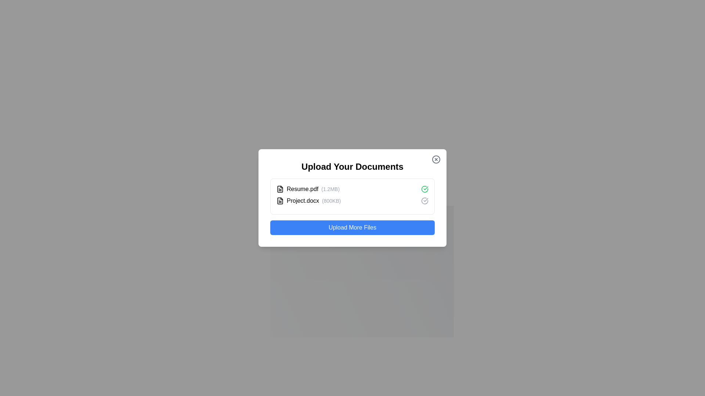 The width and height of the screenshot is (705, 396). I want to click on the list item representing 'Resume.pdf', which includes a file icon, the text in bold, and a green checkmark, so click(352, 189).